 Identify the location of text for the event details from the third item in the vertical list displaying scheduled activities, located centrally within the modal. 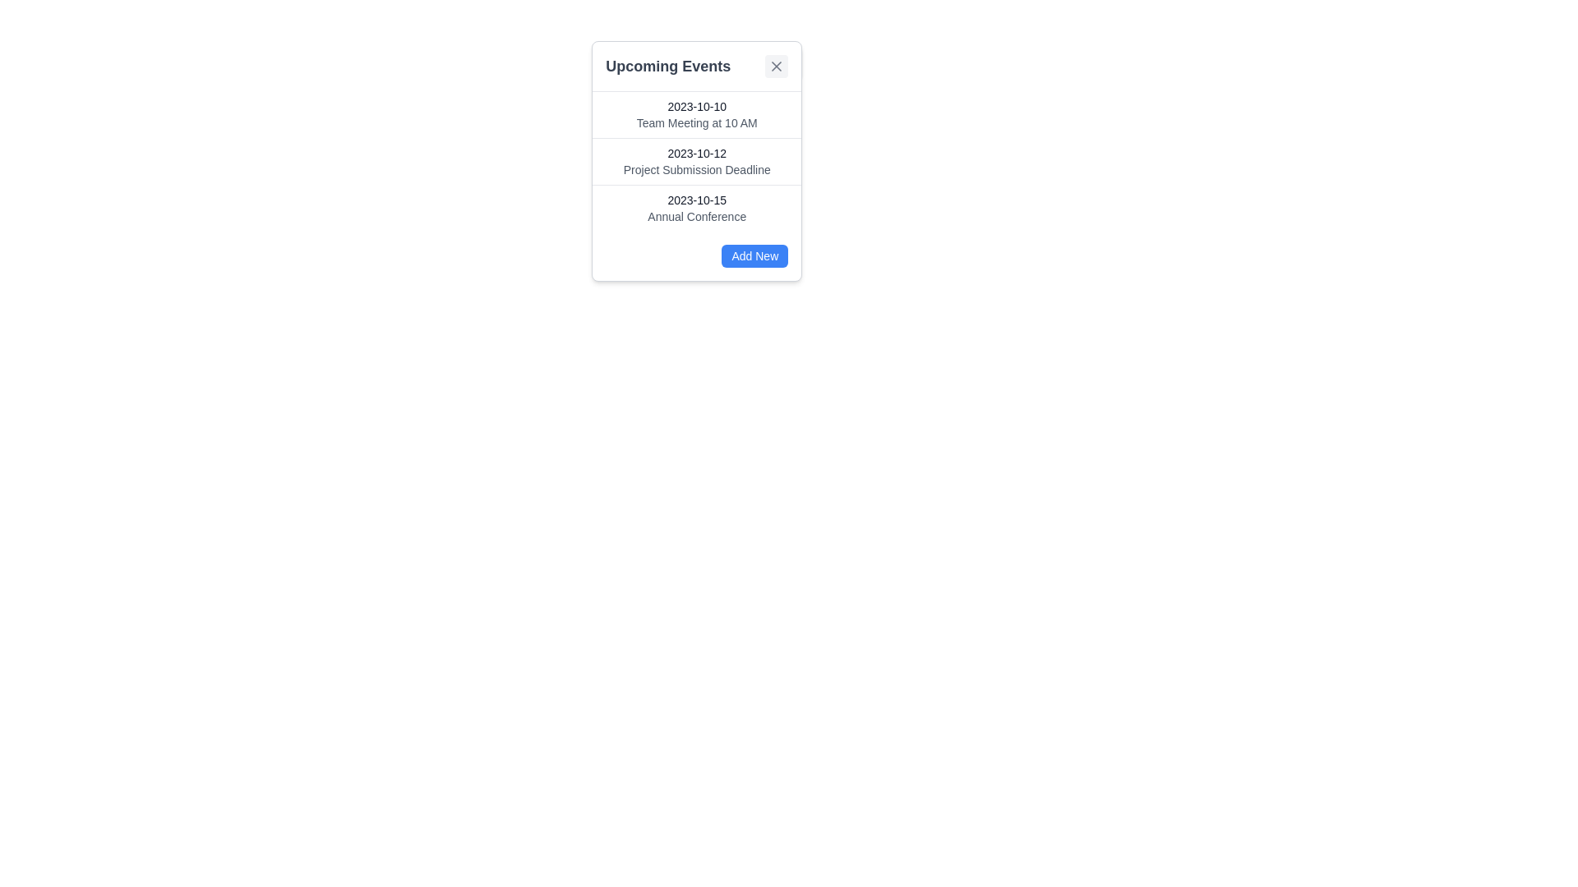
(697, 207).